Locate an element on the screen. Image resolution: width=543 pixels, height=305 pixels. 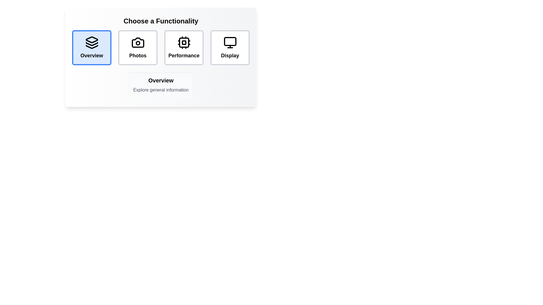
the camera icon located inside the 'Photos' card, which is the second icon in a horizontal sequence of four icons is located at coordinates (138, 42).